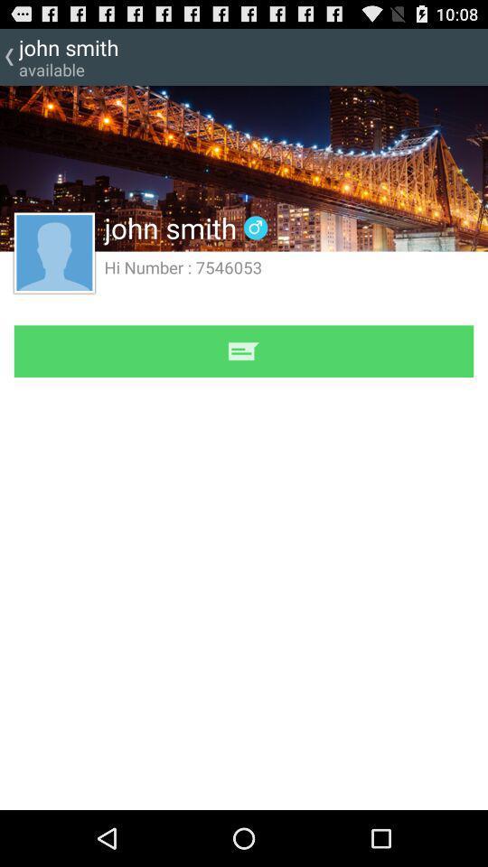 The height and width of the screenshot is (867, 488). I want to click on icon below the available item, so click(54, 251).